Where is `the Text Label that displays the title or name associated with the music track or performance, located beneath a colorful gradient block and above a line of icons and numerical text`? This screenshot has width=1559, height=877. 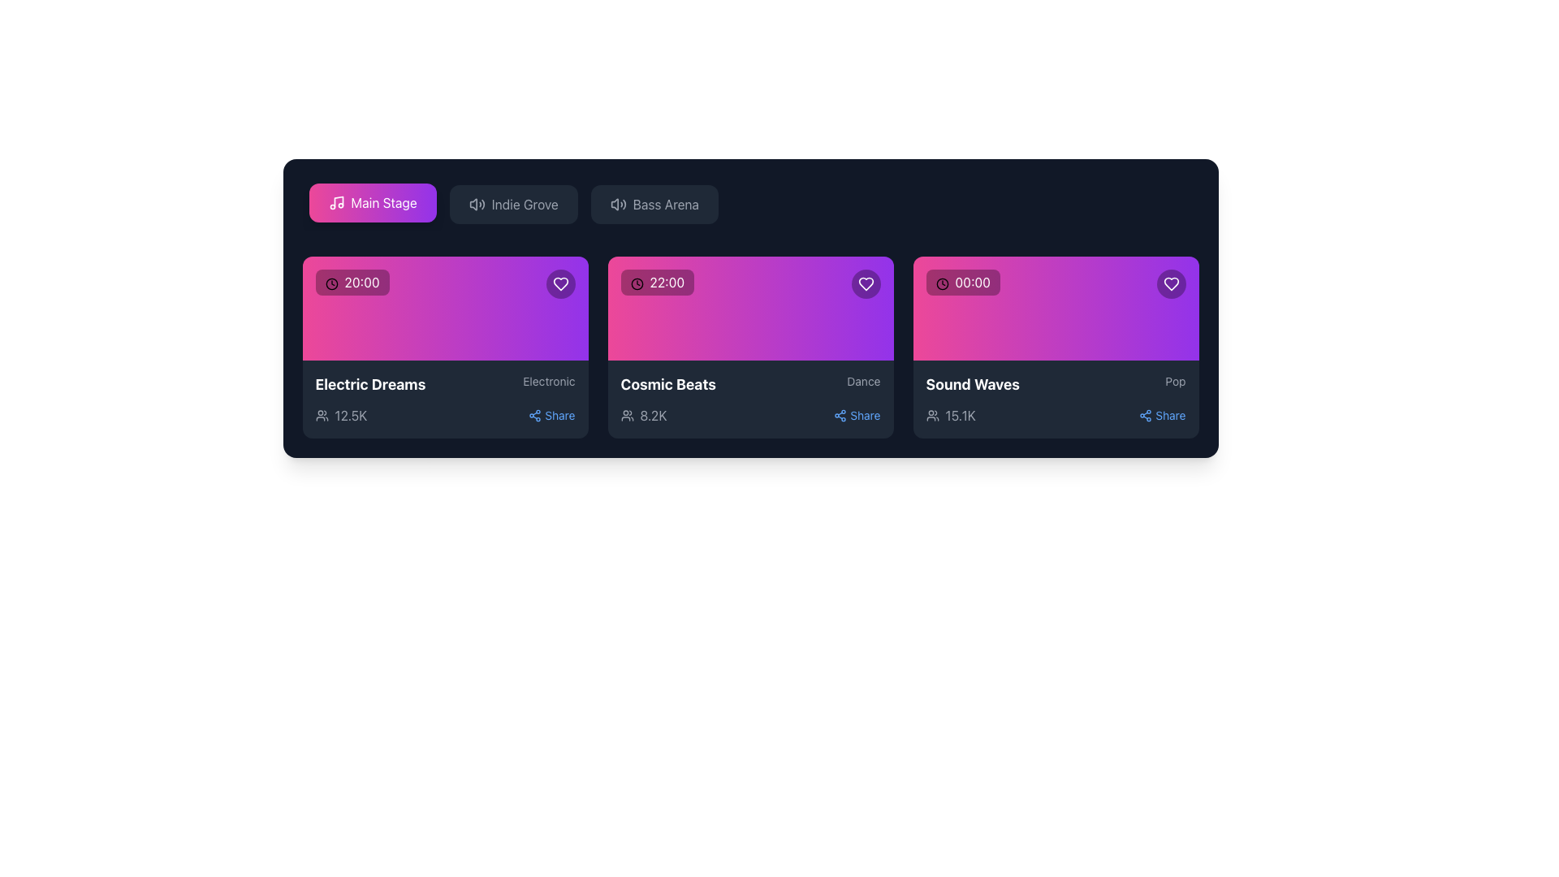 the Text Label that displays the title or name associated with the music track or performance, located beneath a colorful gradient block and above a line of icons and numerical text is located at coordinates (973, 385).